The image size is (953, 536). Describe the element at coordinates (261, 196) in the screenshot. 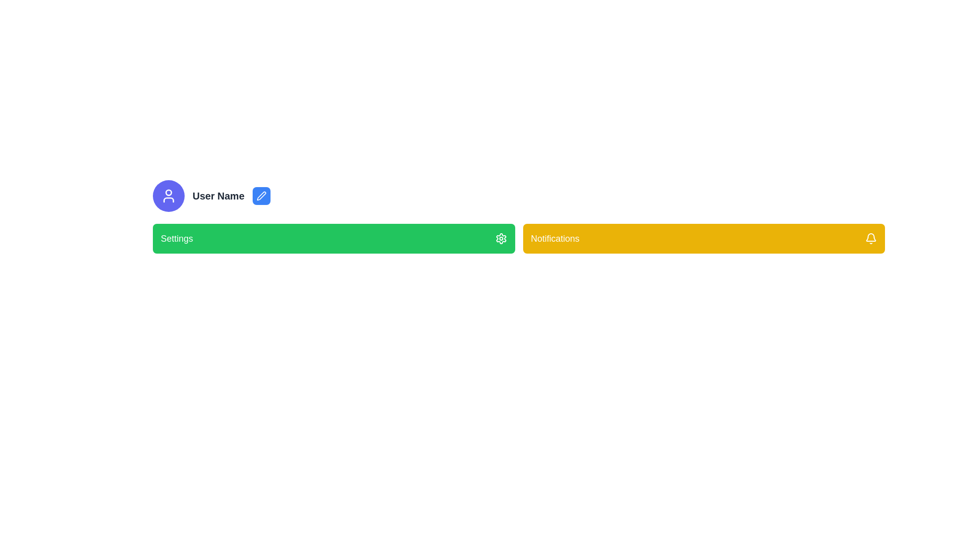

I see `the editing action icon located within a blue box-shaped button to the right of the 'User Name' text for keyboard interactions` at that location.